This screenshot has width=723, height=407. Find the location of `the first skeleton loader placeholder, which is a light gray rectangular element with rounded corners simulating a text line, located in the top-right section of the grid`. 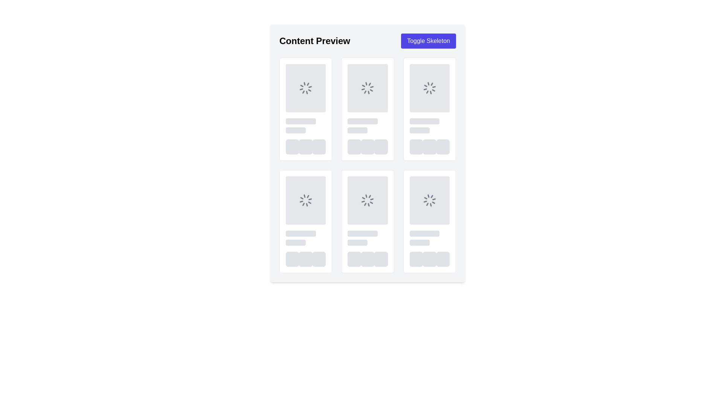

the first skeleton loader placeholder, which is a light gray rectangular element with rounded corners simulating a text line, located in the top-right section of the grid is located at coordinates (424, 121).